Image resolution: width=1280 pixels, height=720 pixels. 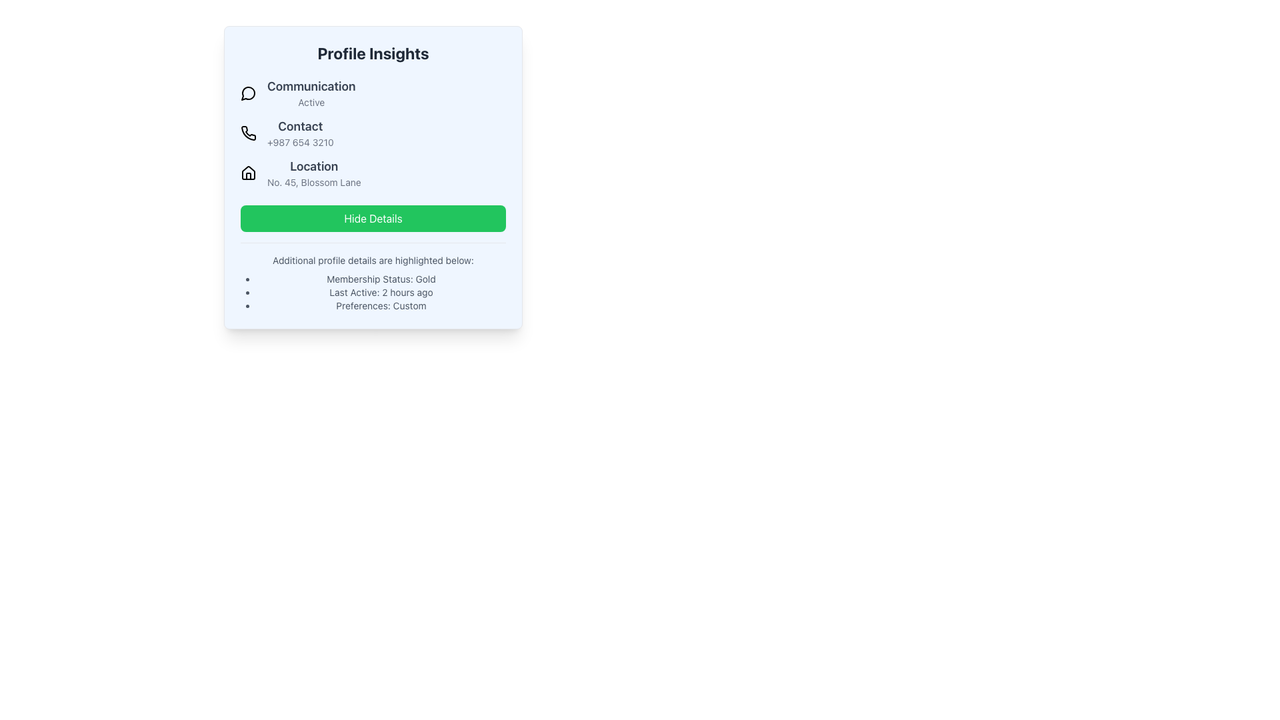 What do you see at coordinates (249, 175) in the screenshot?
I see `the house-shaped icon's graphic element, located on the third row of the profile insights panel next to the 'Location' label` at bounding box center [249, 175].